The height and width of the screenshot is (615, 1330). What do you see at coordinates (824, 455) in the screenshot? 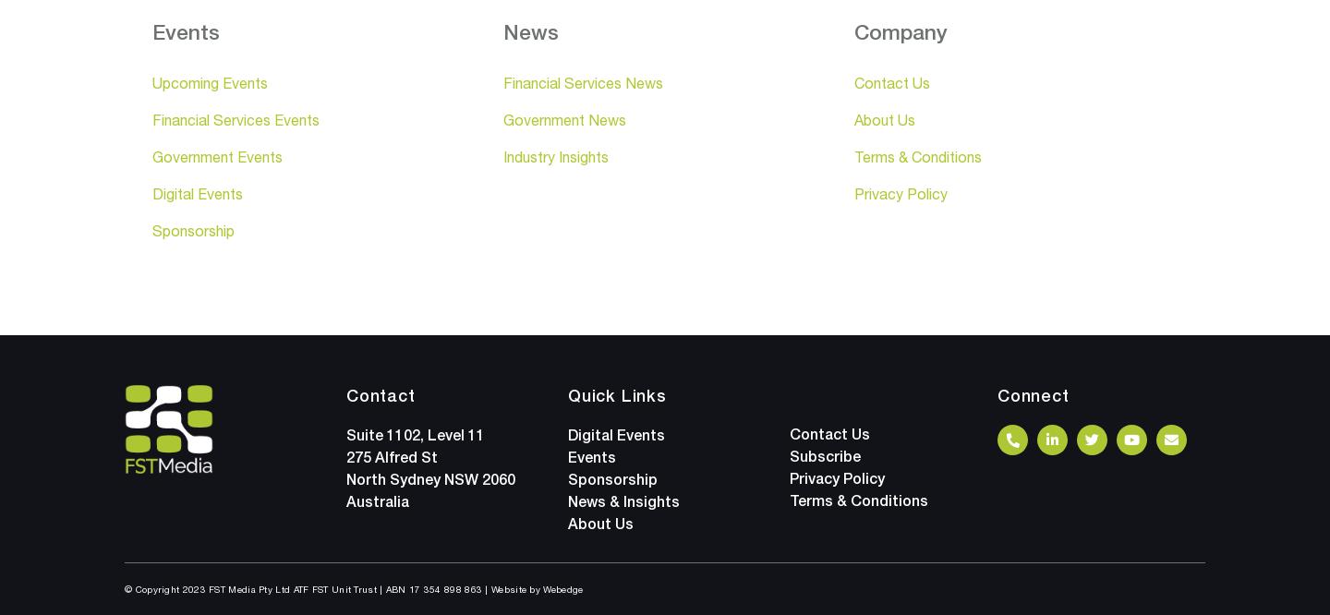
I see `'Subscribe'` at bounding box center [824, 455].